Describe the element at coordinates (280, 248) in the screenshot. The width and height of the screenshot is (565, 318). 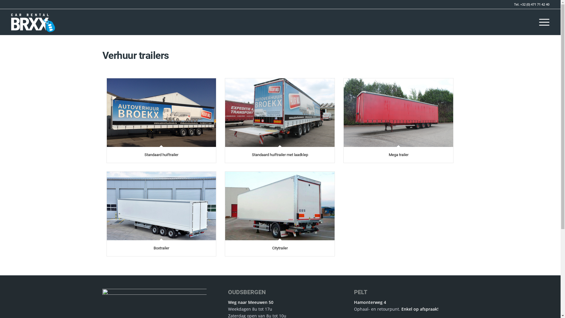
I see `'Citytrailer'` at that location.